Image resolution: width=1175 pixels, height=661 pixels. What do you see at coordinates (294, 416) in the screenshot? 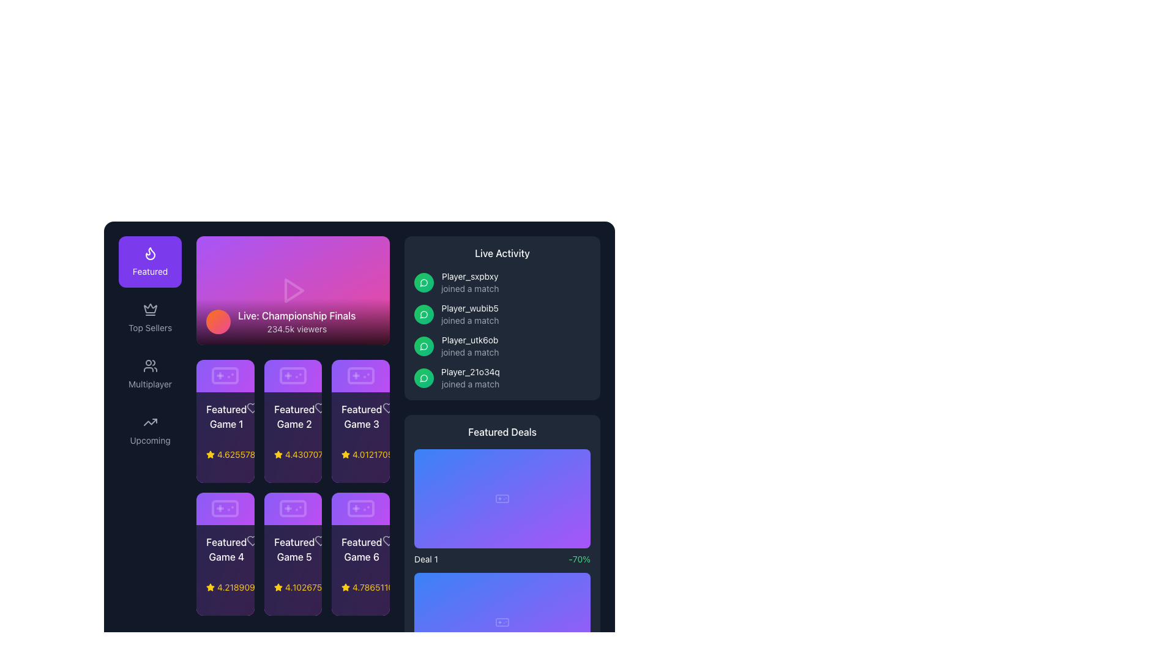
I see `text displayed in the 'Featured Game 2' label, which is in white bold font on a dark purple background` at bounding box center [294, 416].